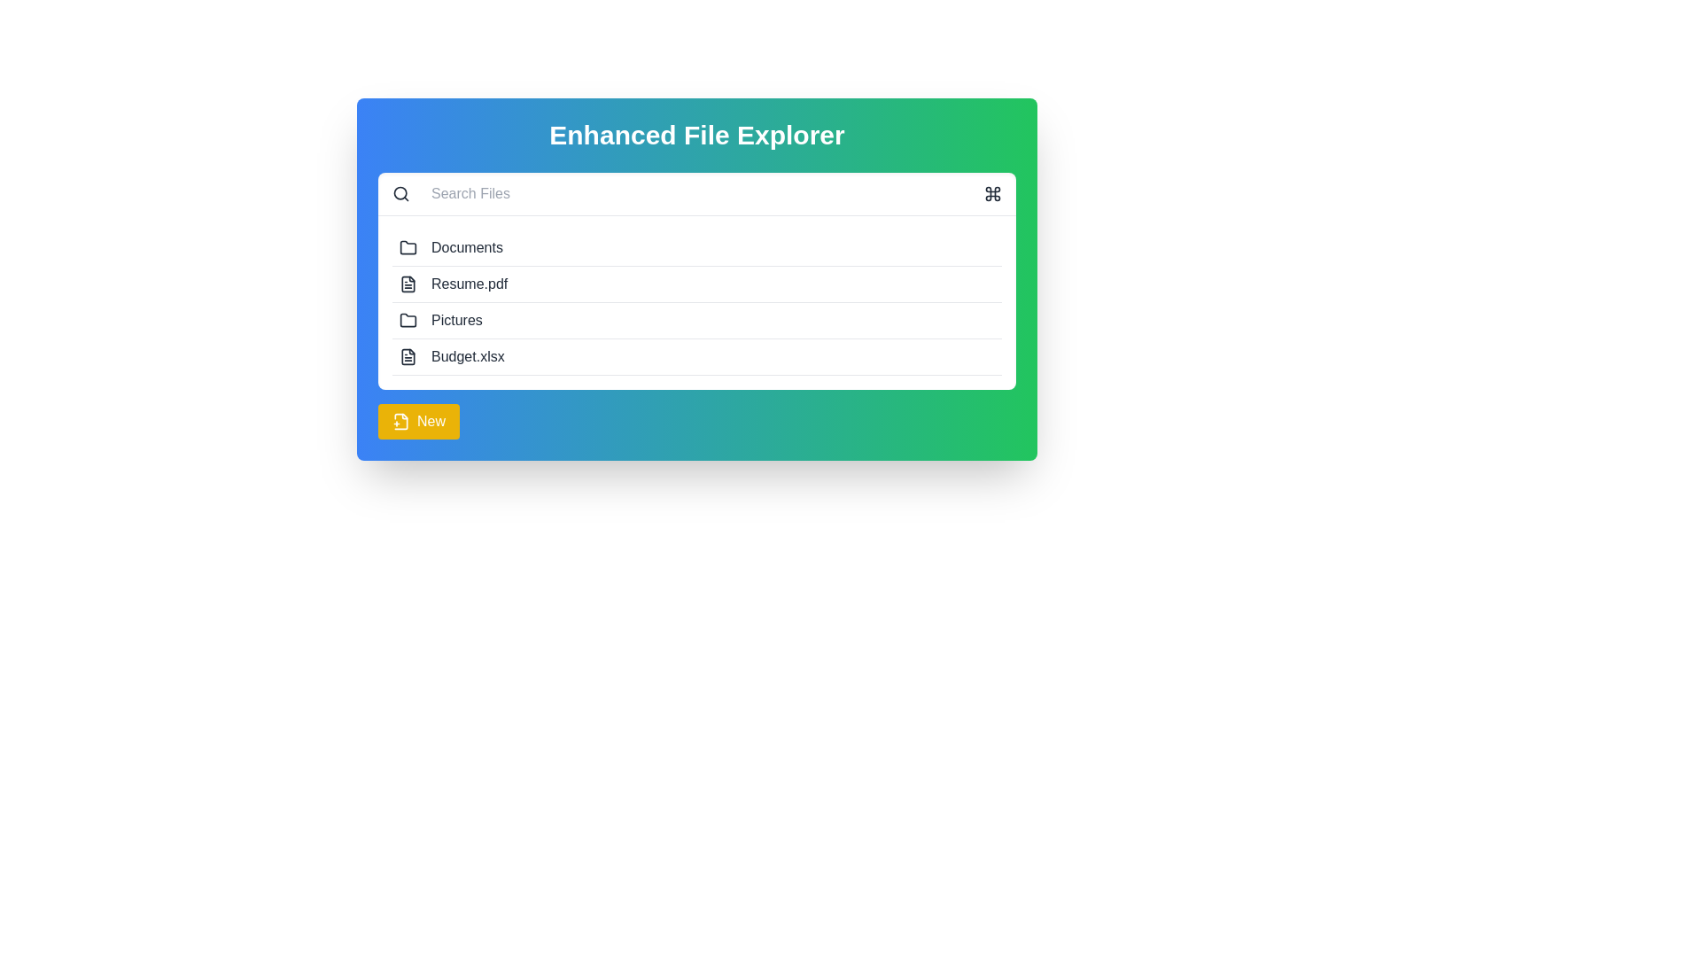 This screenshot has height=957, width=1701. What do you see at coordinates (696, 284) in the screenshot?
I see `the list item labeled 'Resume.pdf' in the file management interface` at bounding box center [696, 284].